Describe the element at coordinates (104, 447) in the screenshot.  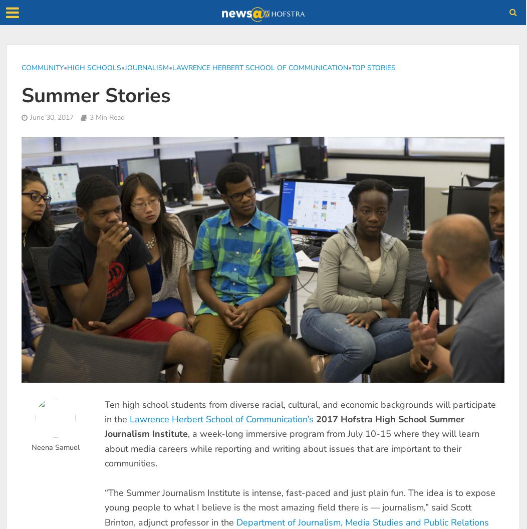
I see `', a week-long immersive program from July 10-15 where they will learn about media careers while reporting and writing about issues that are important to their communities.'` at that location.